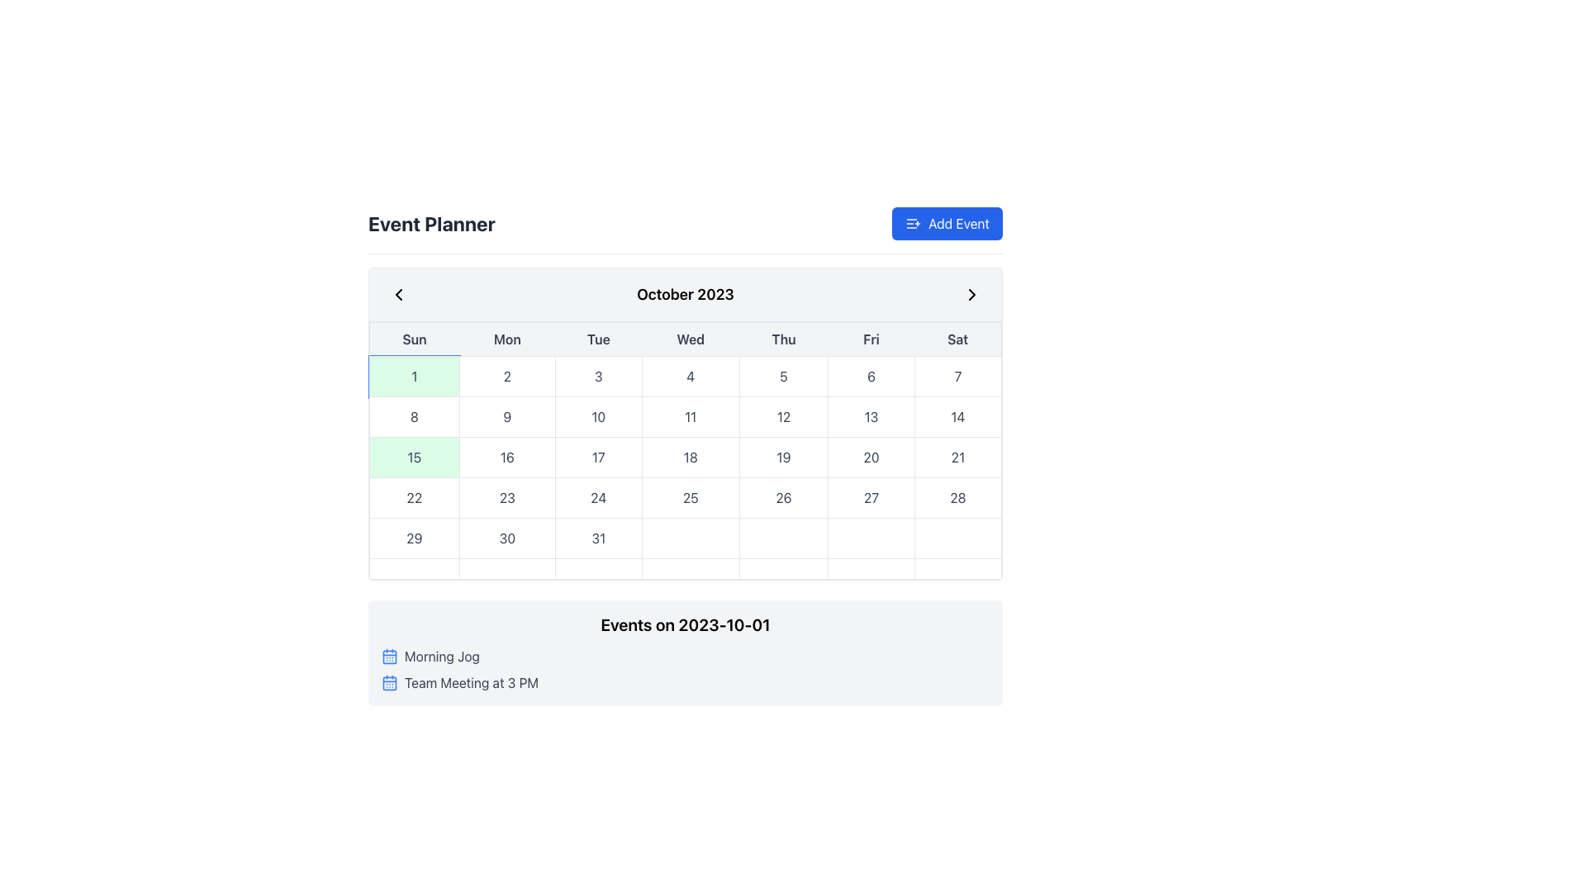 The width and height of the screenshot is (1586, 892). Describe the element at coordinates (686, 416) in the screenshot. I see `the highlighted calendar day item '11'` at that location.